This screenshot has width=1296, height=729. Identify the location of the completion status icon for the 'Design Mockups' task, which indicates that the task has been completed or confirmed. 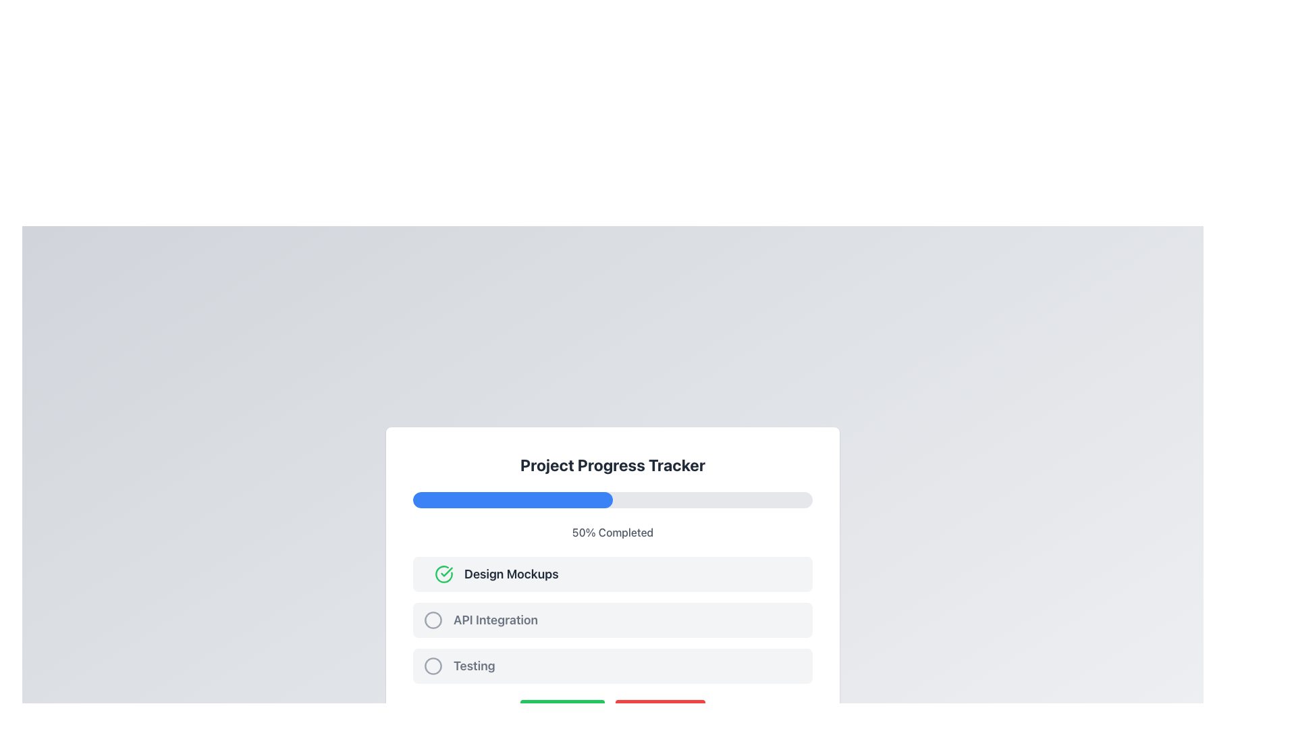
(443, 574).